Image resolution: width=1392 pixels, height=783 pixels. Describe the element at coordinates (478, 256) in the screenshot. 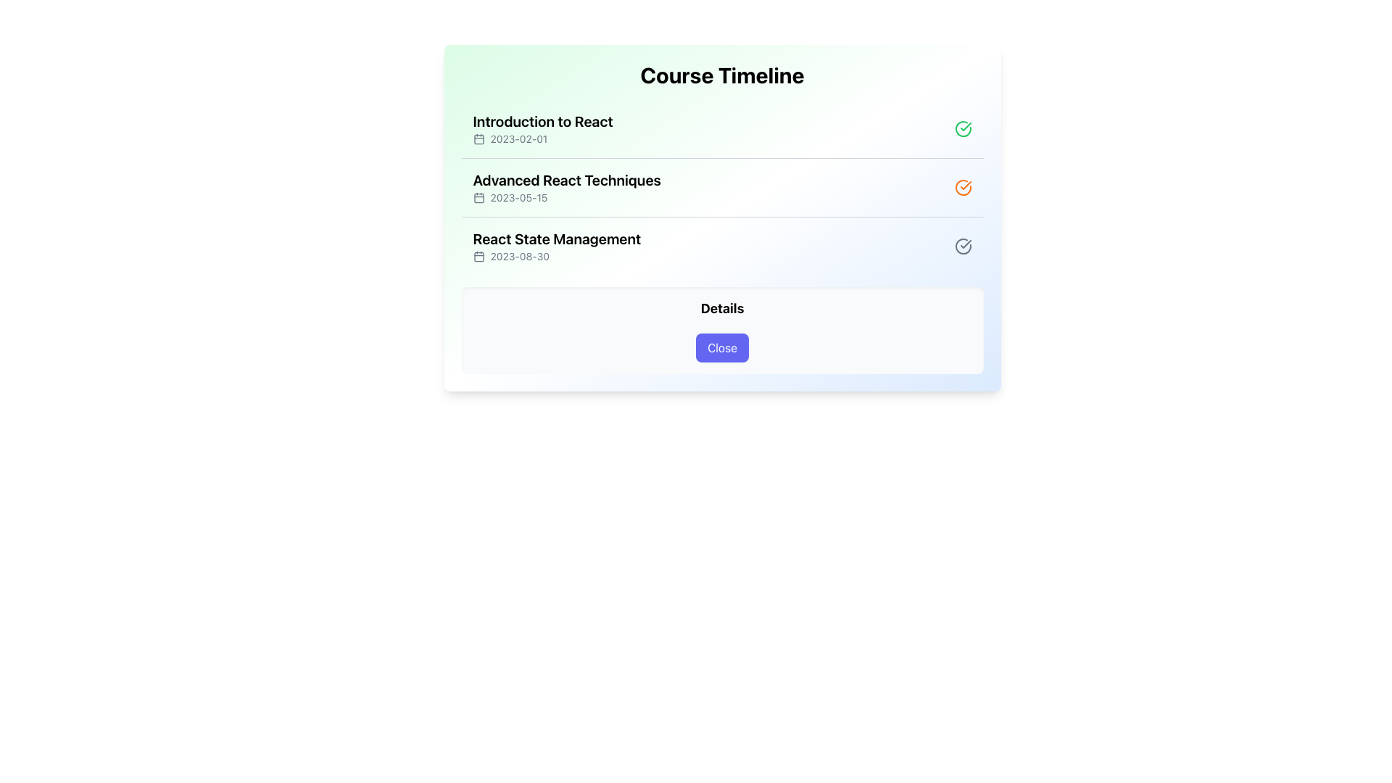

I see `the calendar icon located to the left of the date text '2023-08-30', which has a minimalistic gray design` at that location.